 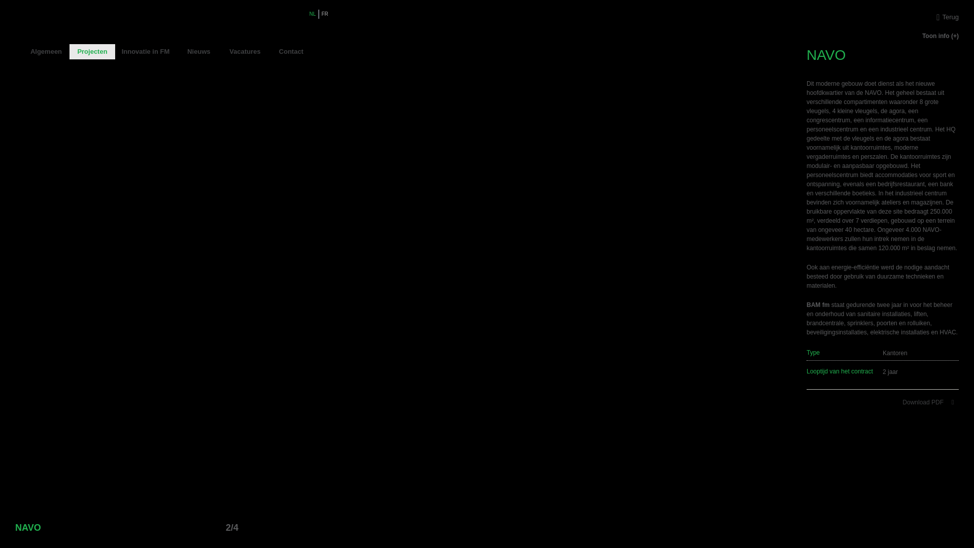 What do you see at coordinates (245, 51) in the screenshot?
I see `'Vacatures'` at bounding box center [245, 51].